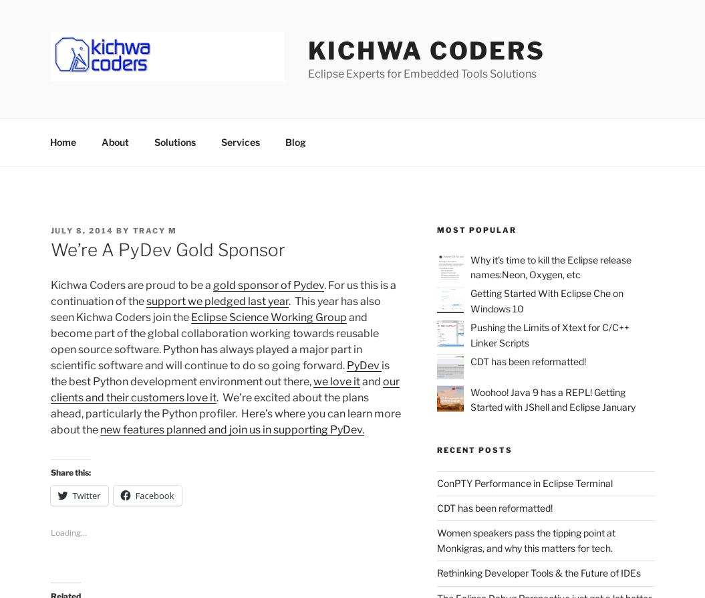 The image size is (705, 598). I want to click on 'Share this:', so click(69, 471).